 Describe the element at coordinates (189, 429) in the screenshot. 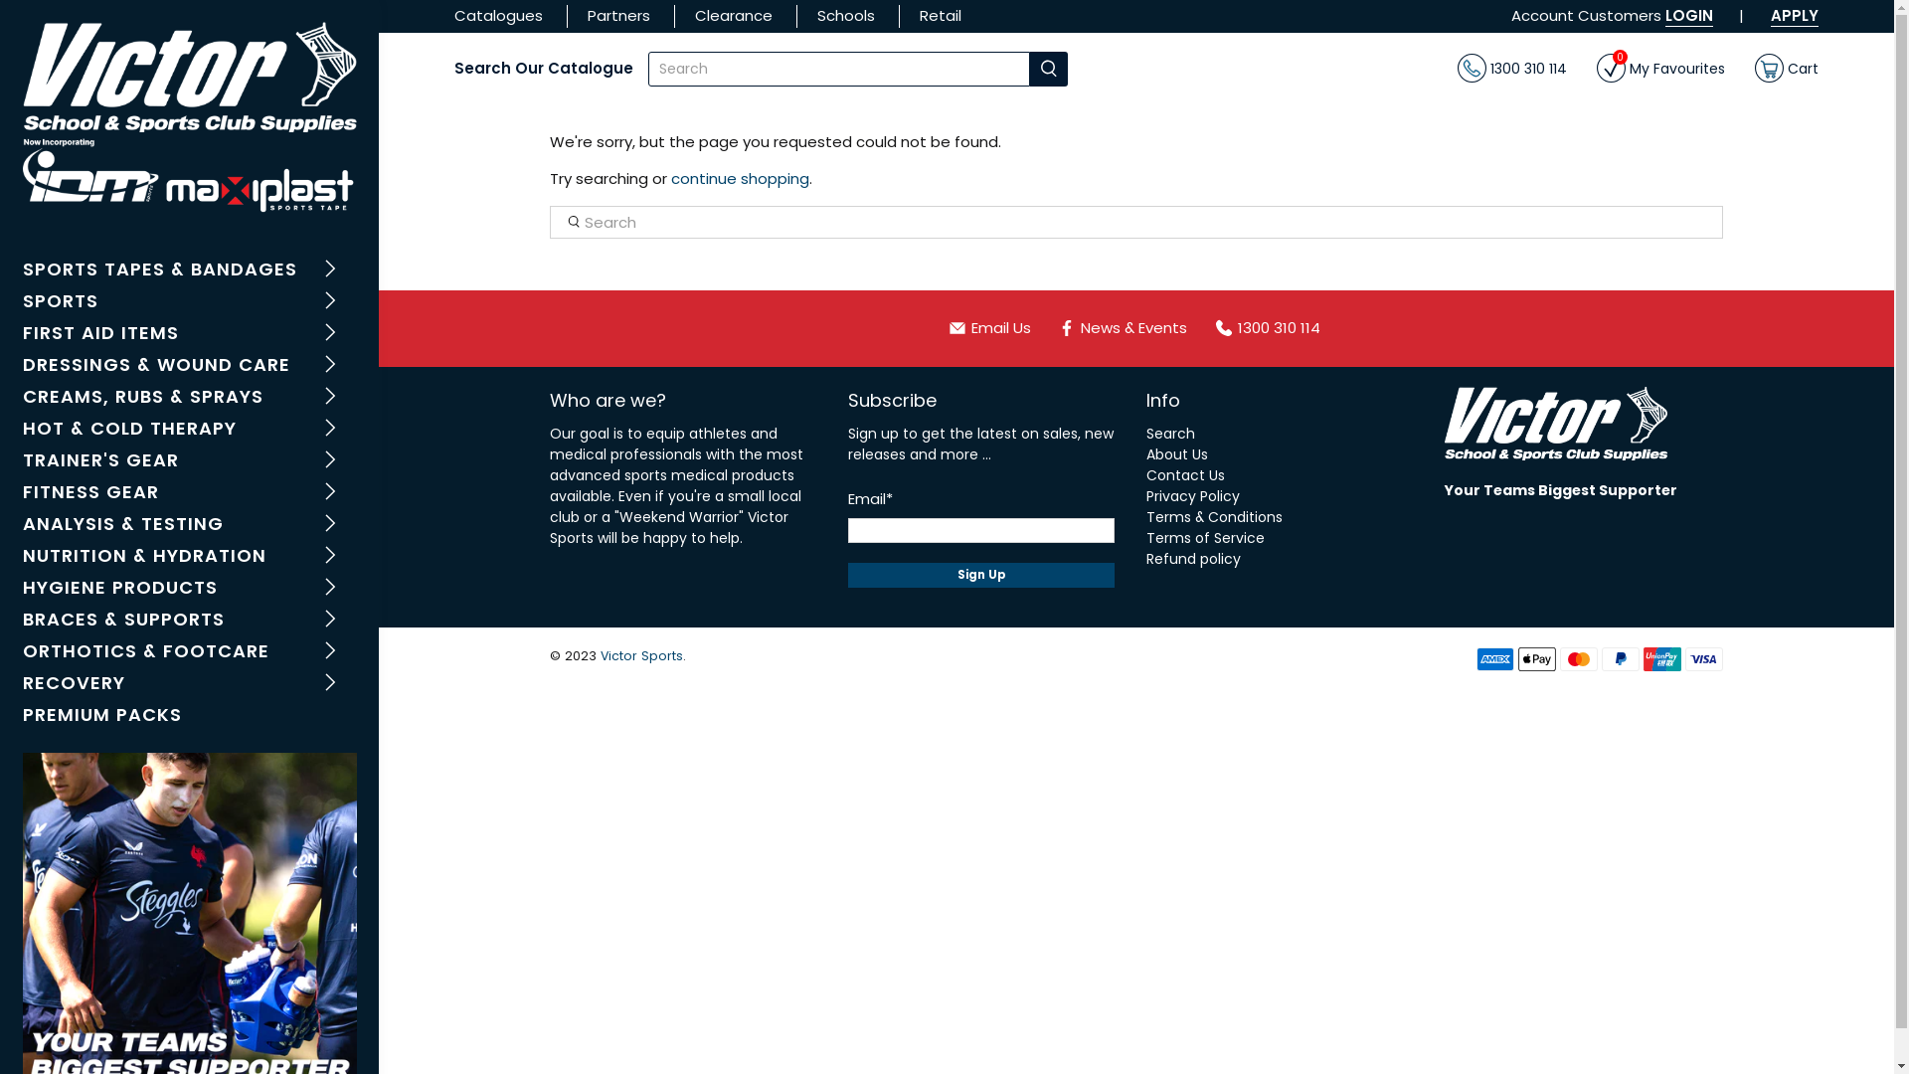

I see `'HOT & COLD THERAPY'` at that location.